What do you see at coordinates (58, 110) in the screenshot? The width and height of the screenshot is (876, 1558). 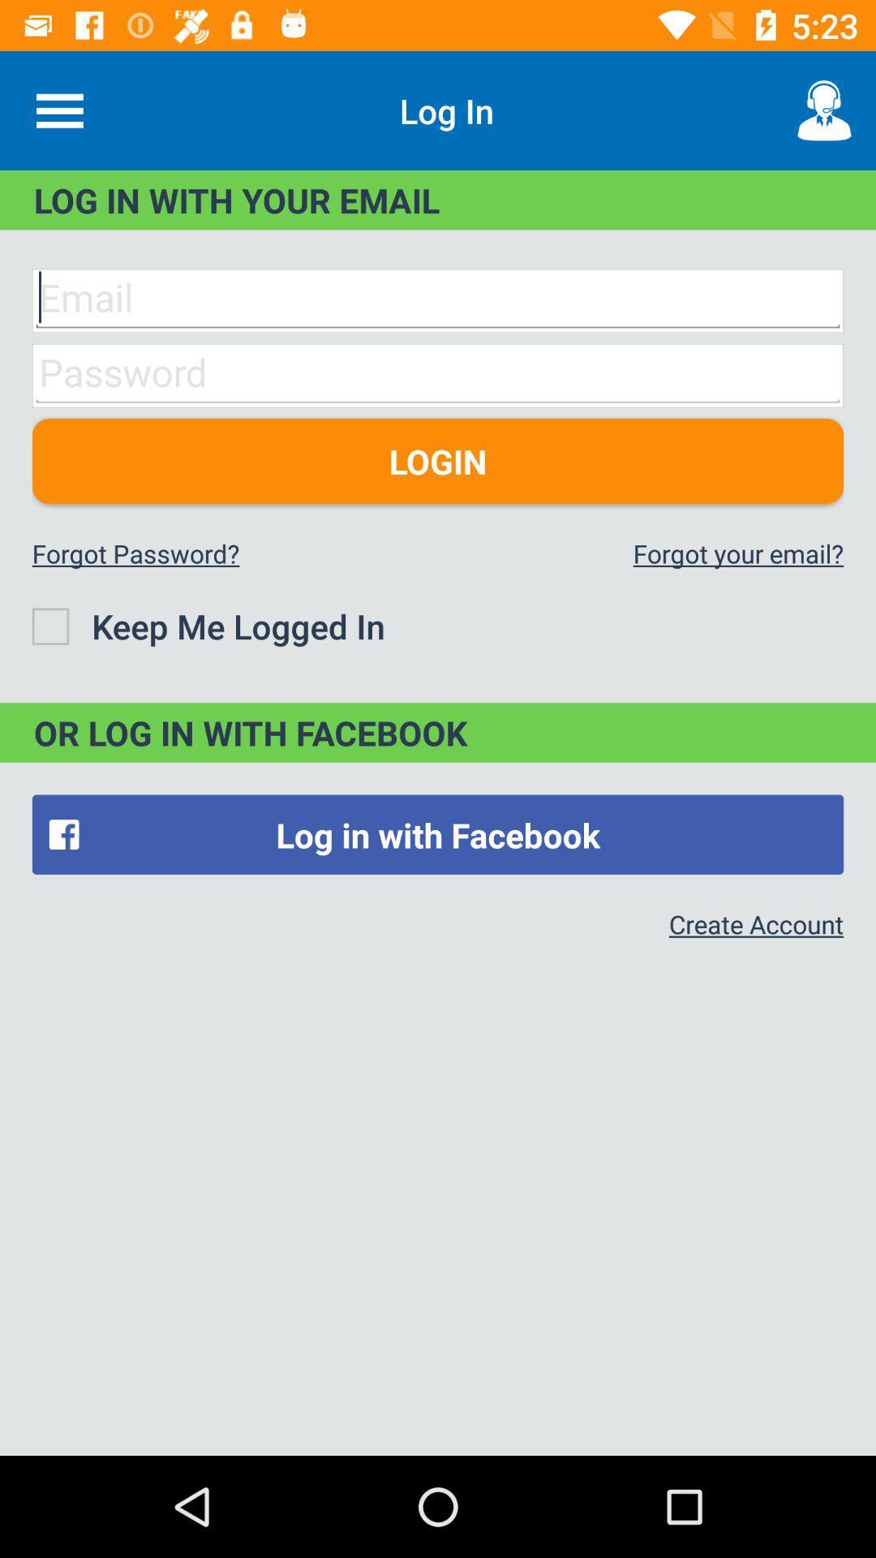 I see `the item at the top left corner` at bounding box center [58, 110].